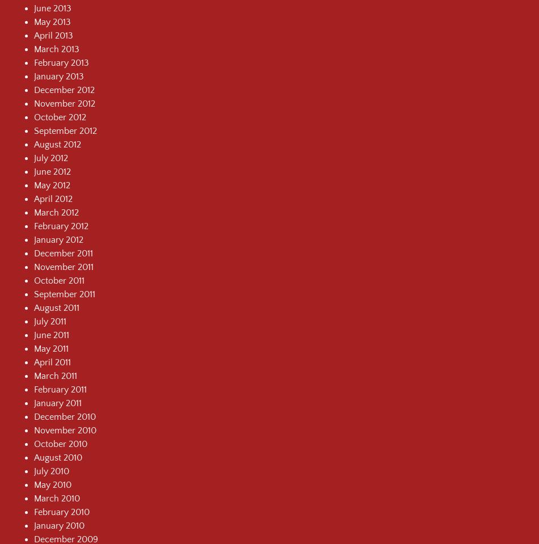 This screenshot has width=539, height=544. What do you see at coordinates (65, 416) in the screenshot?
I see `'December 2010'` at bounding box center [65, 416].